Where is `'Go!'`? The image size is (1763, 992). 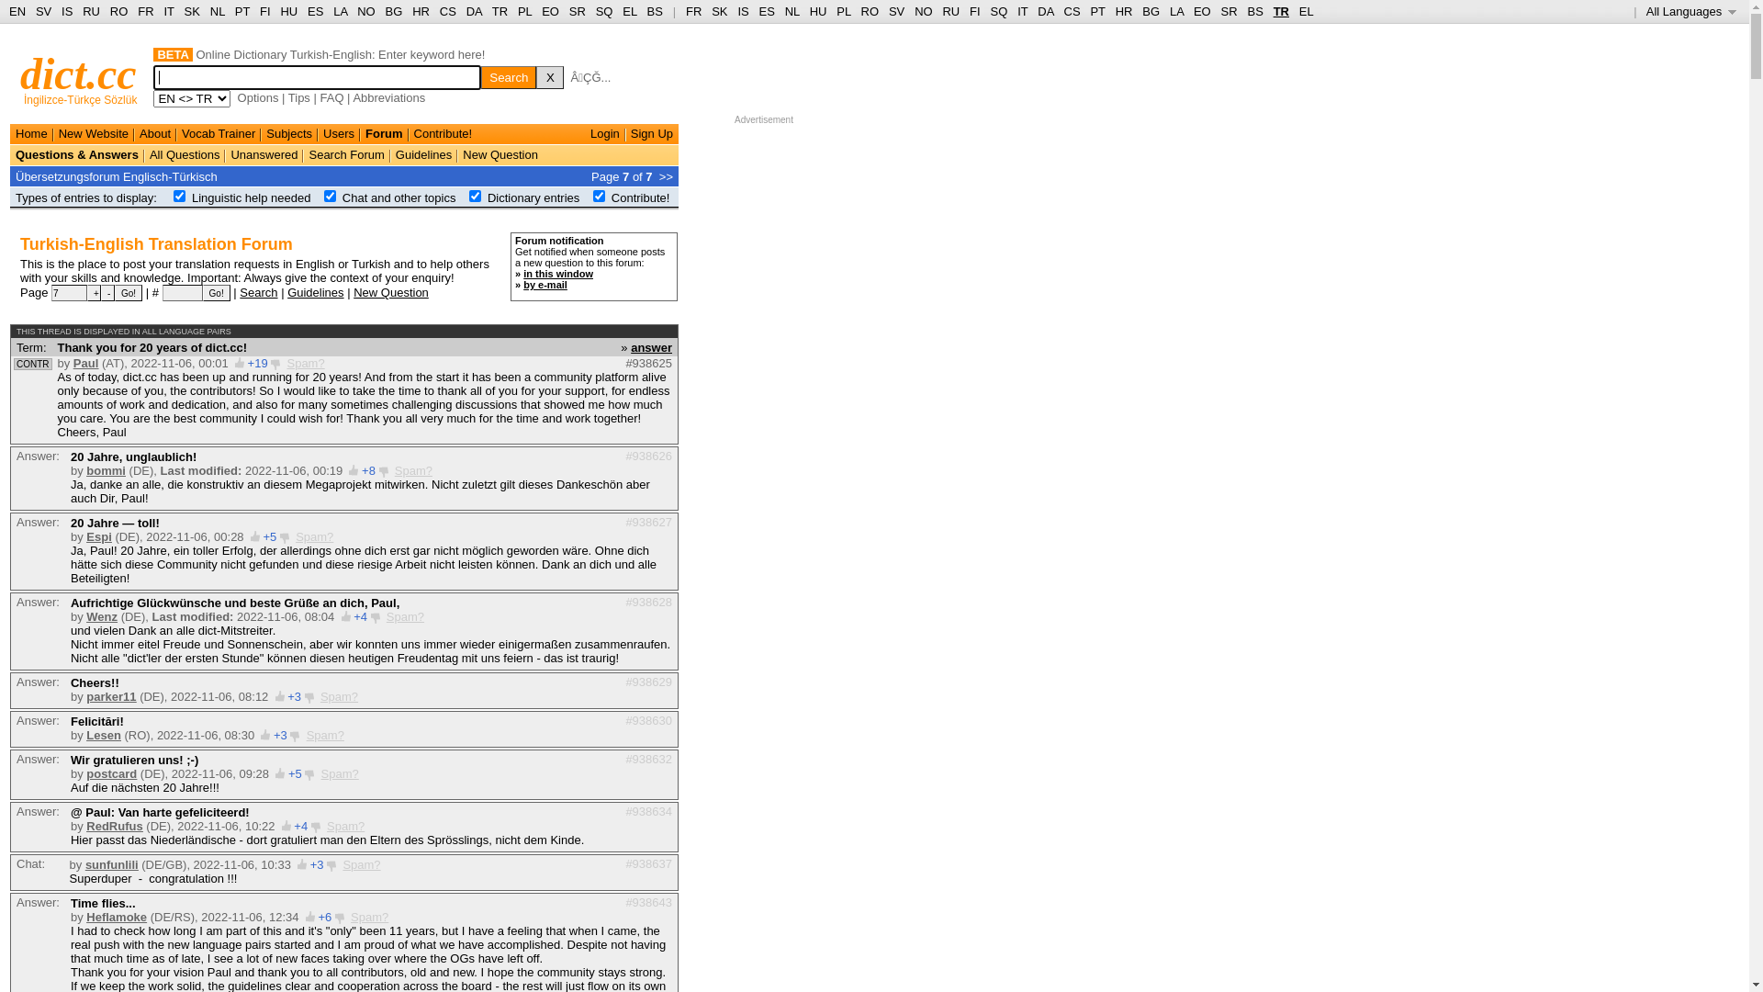 'Go!' is located at coordinates (127, 292).